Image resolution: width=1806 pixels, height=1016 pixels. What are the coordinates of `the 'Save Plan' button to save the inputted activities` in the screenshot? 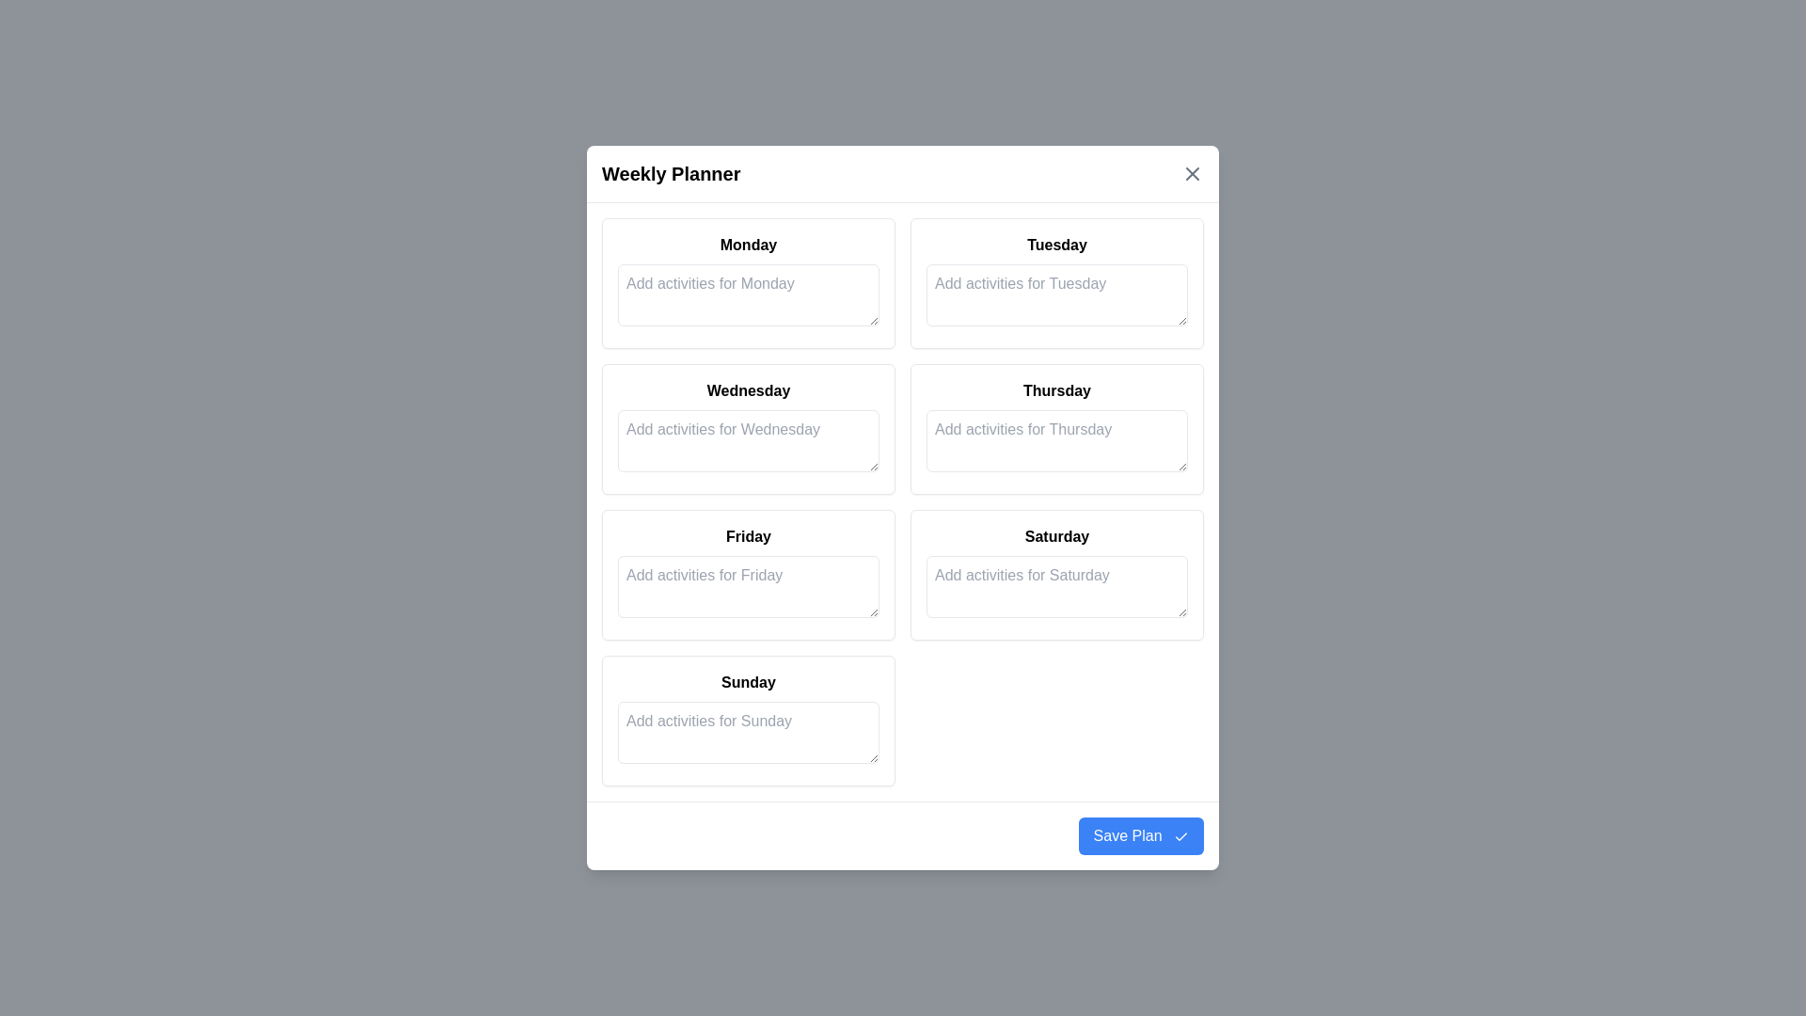 It's located at (1140, 834).